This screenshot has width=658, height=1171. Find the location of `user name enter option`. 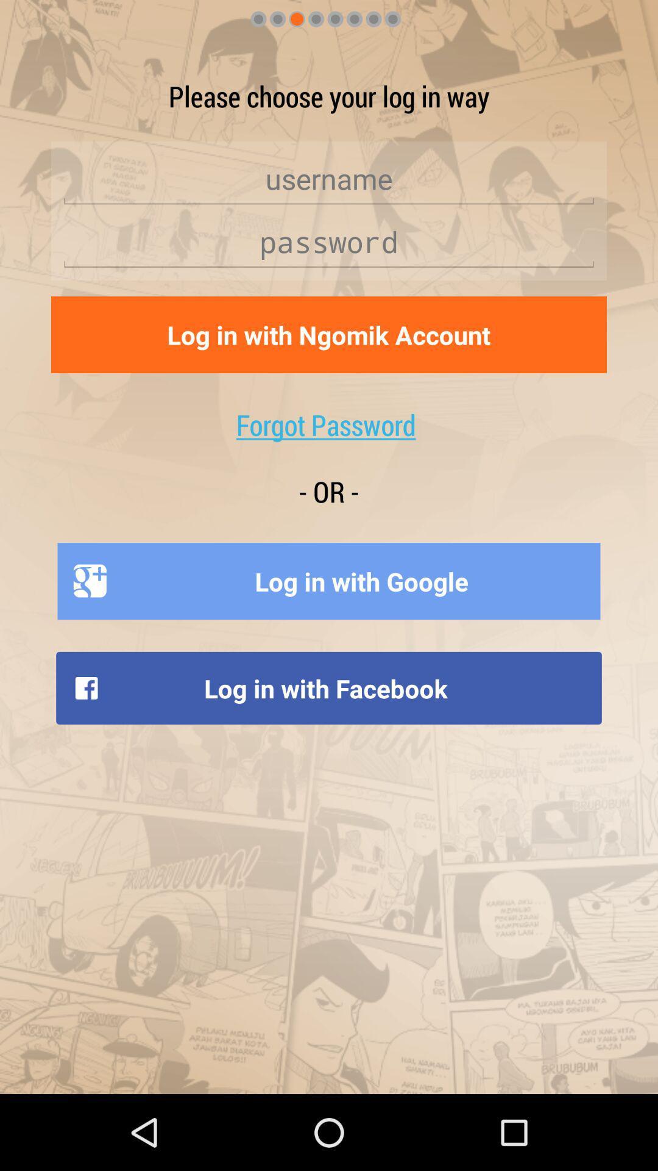

user name enter option is located at coordinates (329, 178).